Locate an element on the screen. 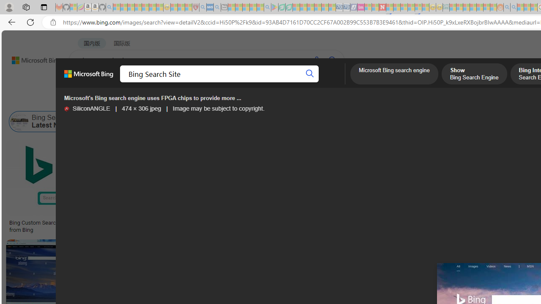  'New Report Confirms 2023 Was Record Hot | Watch - Sleeping' is located at coordinates (145, 7).